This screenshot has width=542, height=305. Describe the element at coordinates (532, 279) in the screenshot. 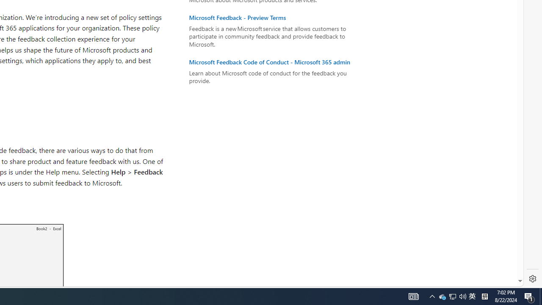

I see `'Settings'` at that location.